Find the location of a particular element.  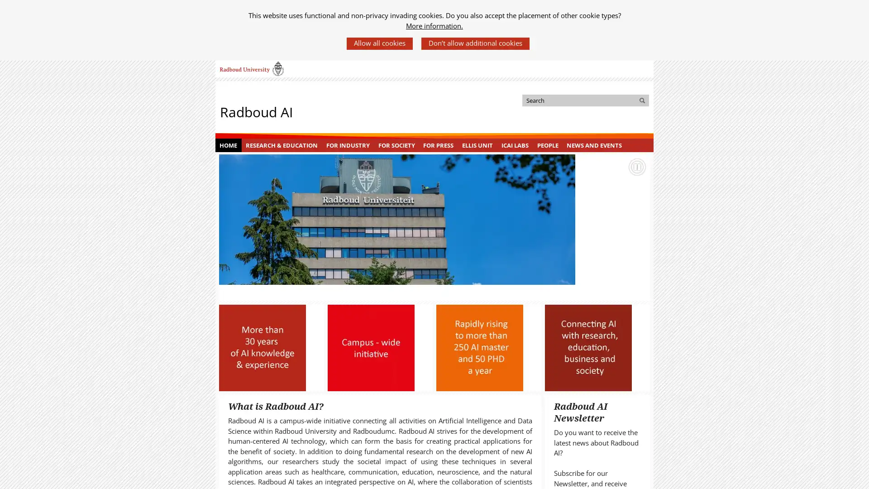

Pauzeer is located at coordinates (636, 166).